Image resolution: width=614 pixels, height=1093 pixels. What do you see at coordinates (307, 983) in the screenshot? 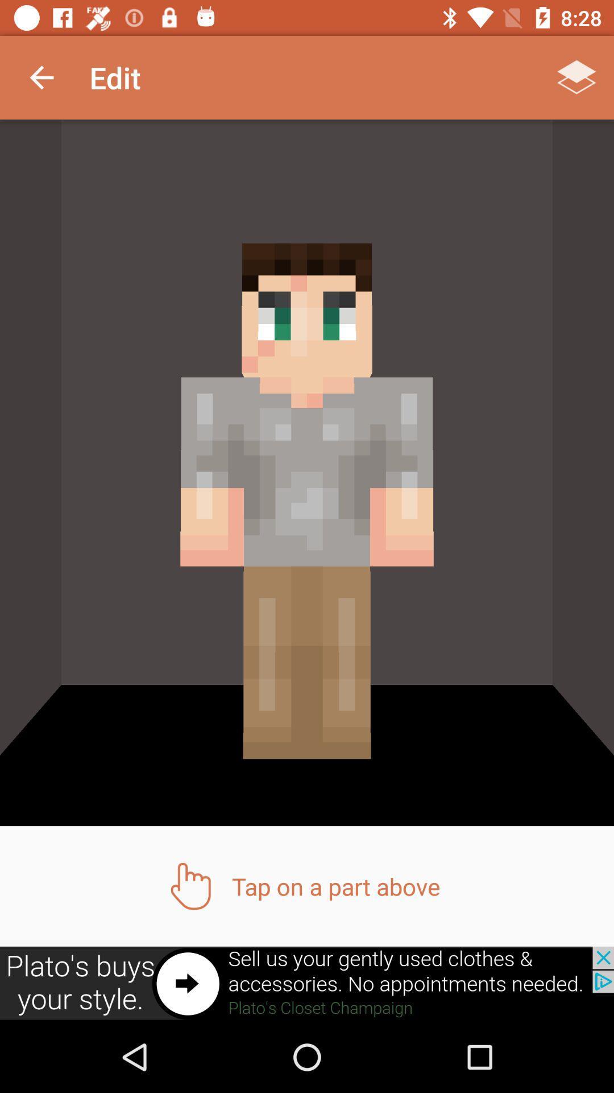
I see `screen page` at bounding box center [307, 983].